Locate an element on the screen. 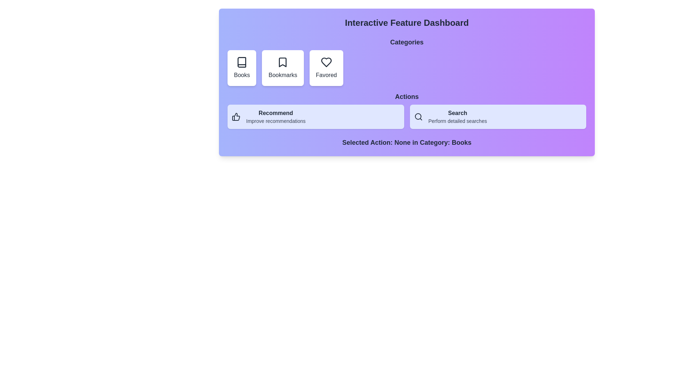 The image size is (688, 387). the heart-shaped icon representing the 'Favored' category in the dashboard, which is located between the 'Bookmarks' icon and the right edge of the section is located at coordinates (326, 62).